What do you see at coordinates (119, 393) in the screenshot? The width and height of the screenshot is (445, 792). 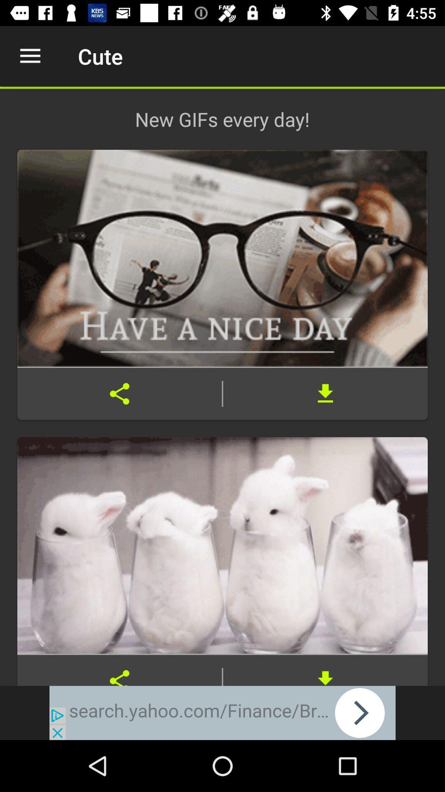 I see `share gif` at bounding box center [119, 393].